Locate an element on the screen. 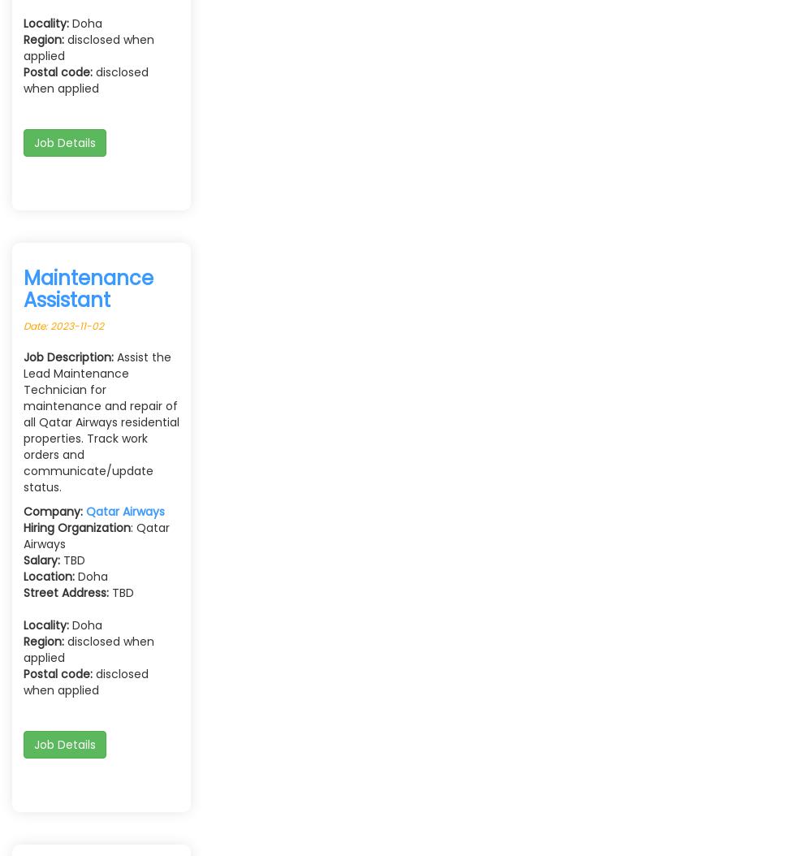  'Hiring Organization' is located at coordinates (23, 528).